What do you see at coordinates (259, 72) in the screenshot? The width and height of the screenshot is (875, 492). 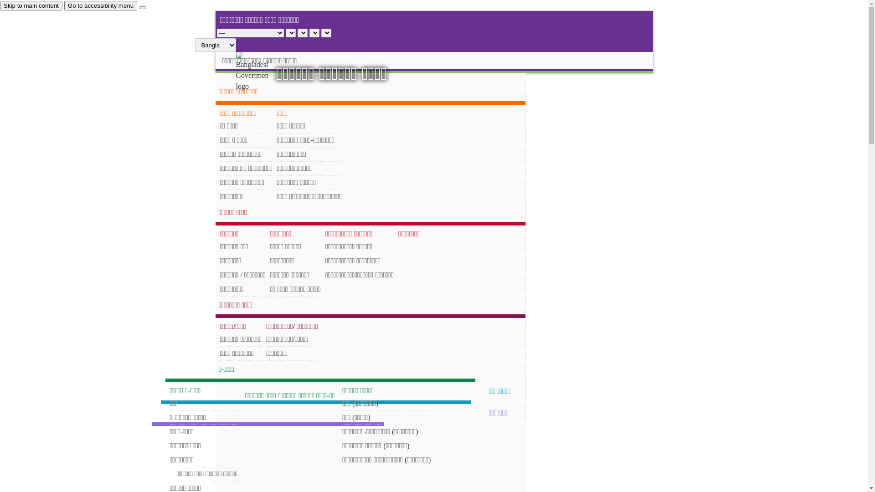 I see `'` at bounding box center [259, 72].